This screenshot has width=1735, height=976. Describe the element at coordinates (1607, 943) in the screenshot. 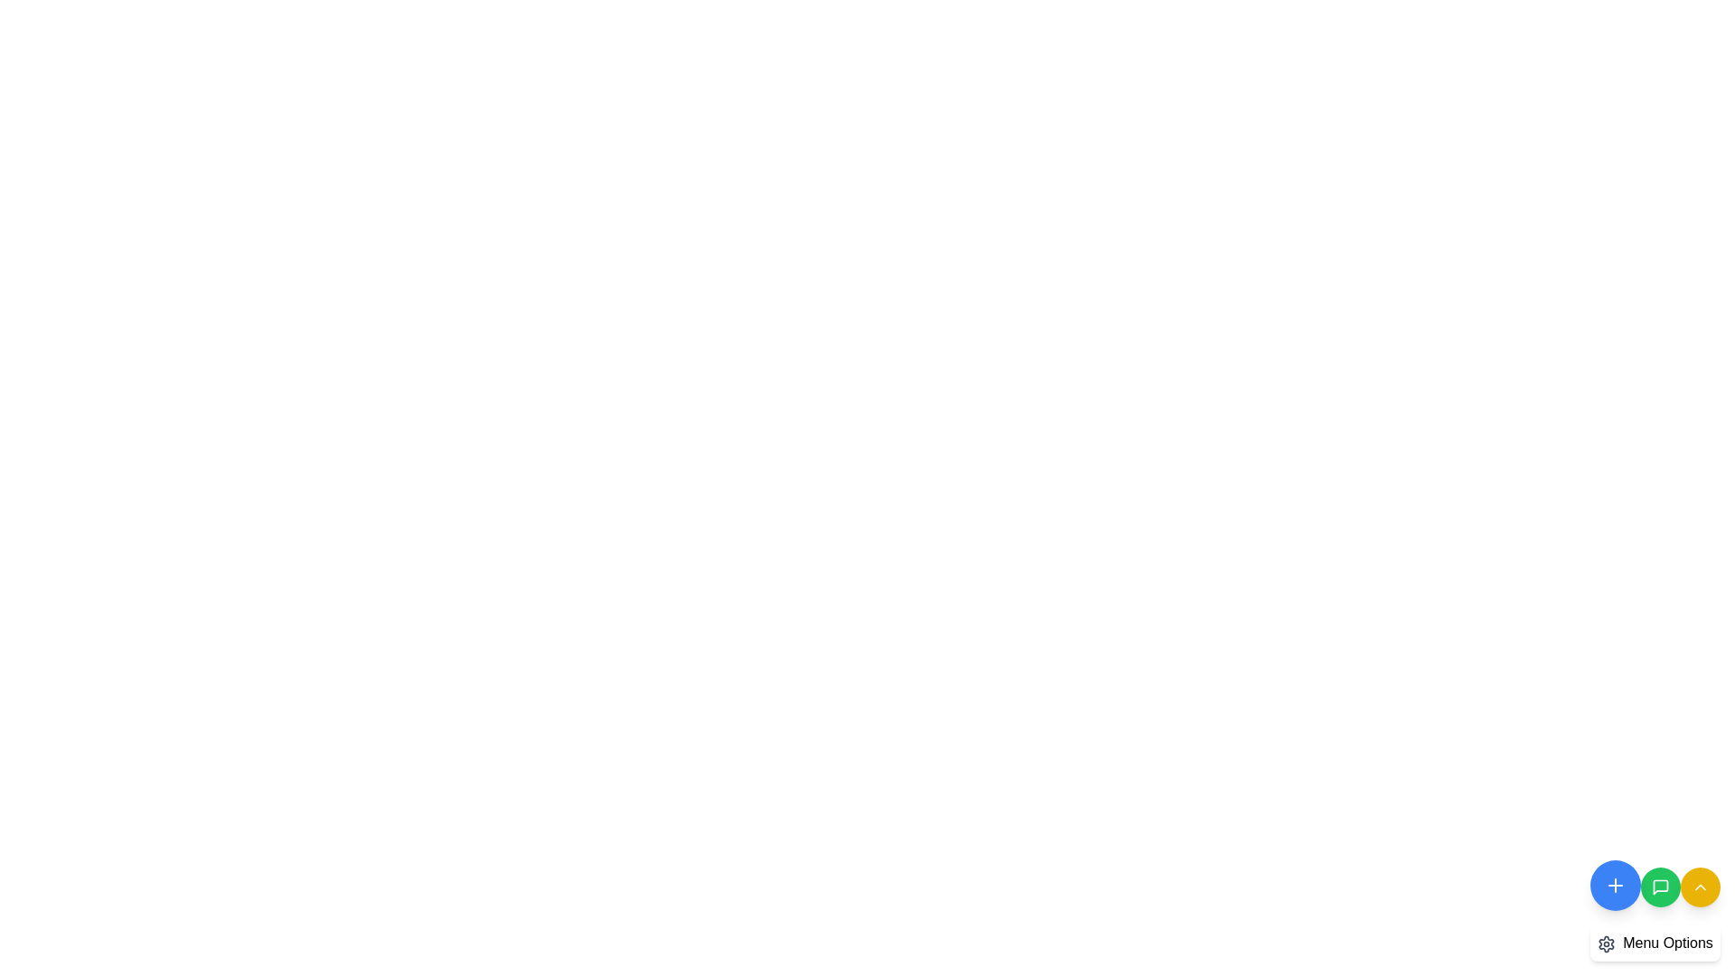

I see `the gear-like icon in the bottom-right corner of the interface, which represents settings` at that location.